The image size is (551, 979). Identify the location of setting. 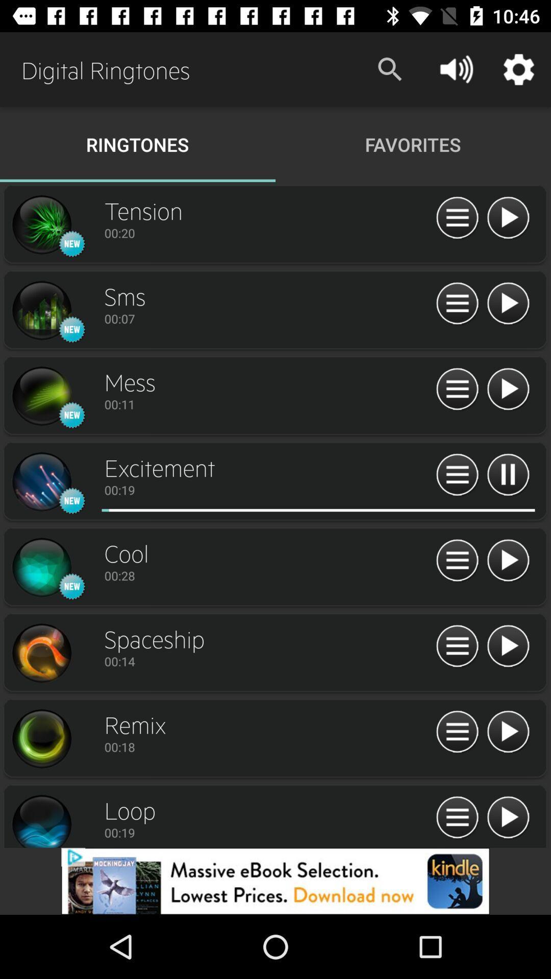
(41, 310).